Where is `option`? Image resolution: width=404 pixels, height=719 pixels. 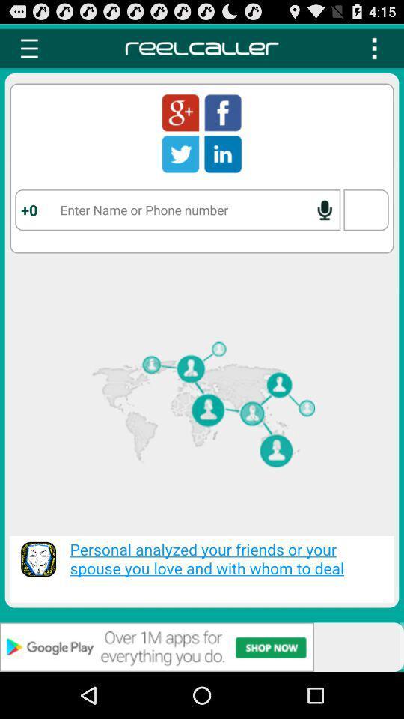 option is located at coordinates (373, 48).